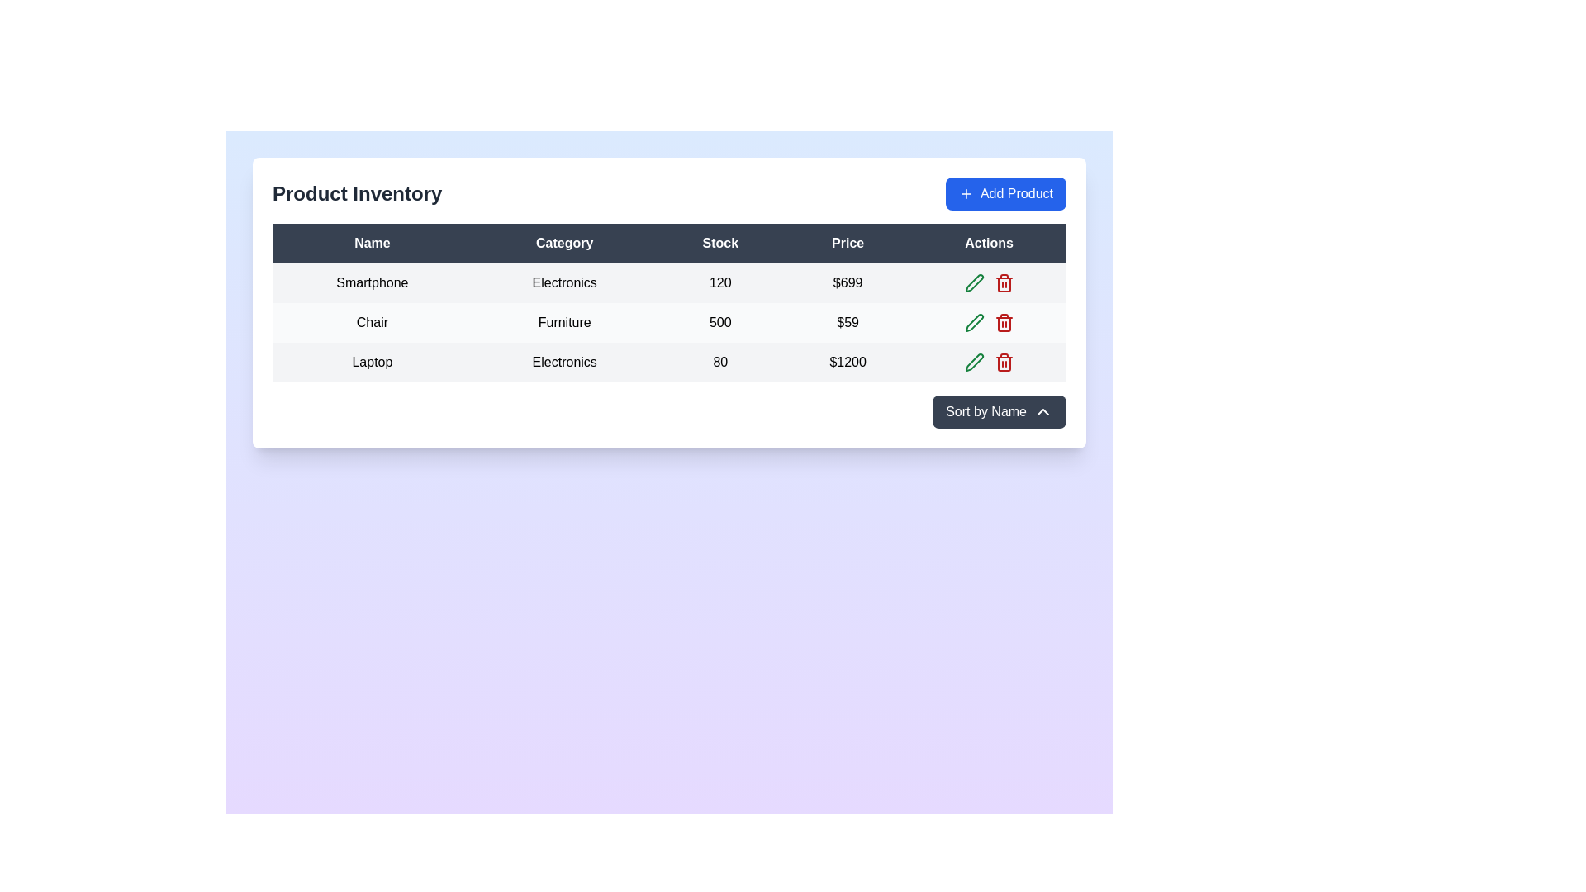  I want to click on the green pen icon in the 'Actions' column of the table, specifically in the first row for the 'Smartphone' item, so click(974, 362).